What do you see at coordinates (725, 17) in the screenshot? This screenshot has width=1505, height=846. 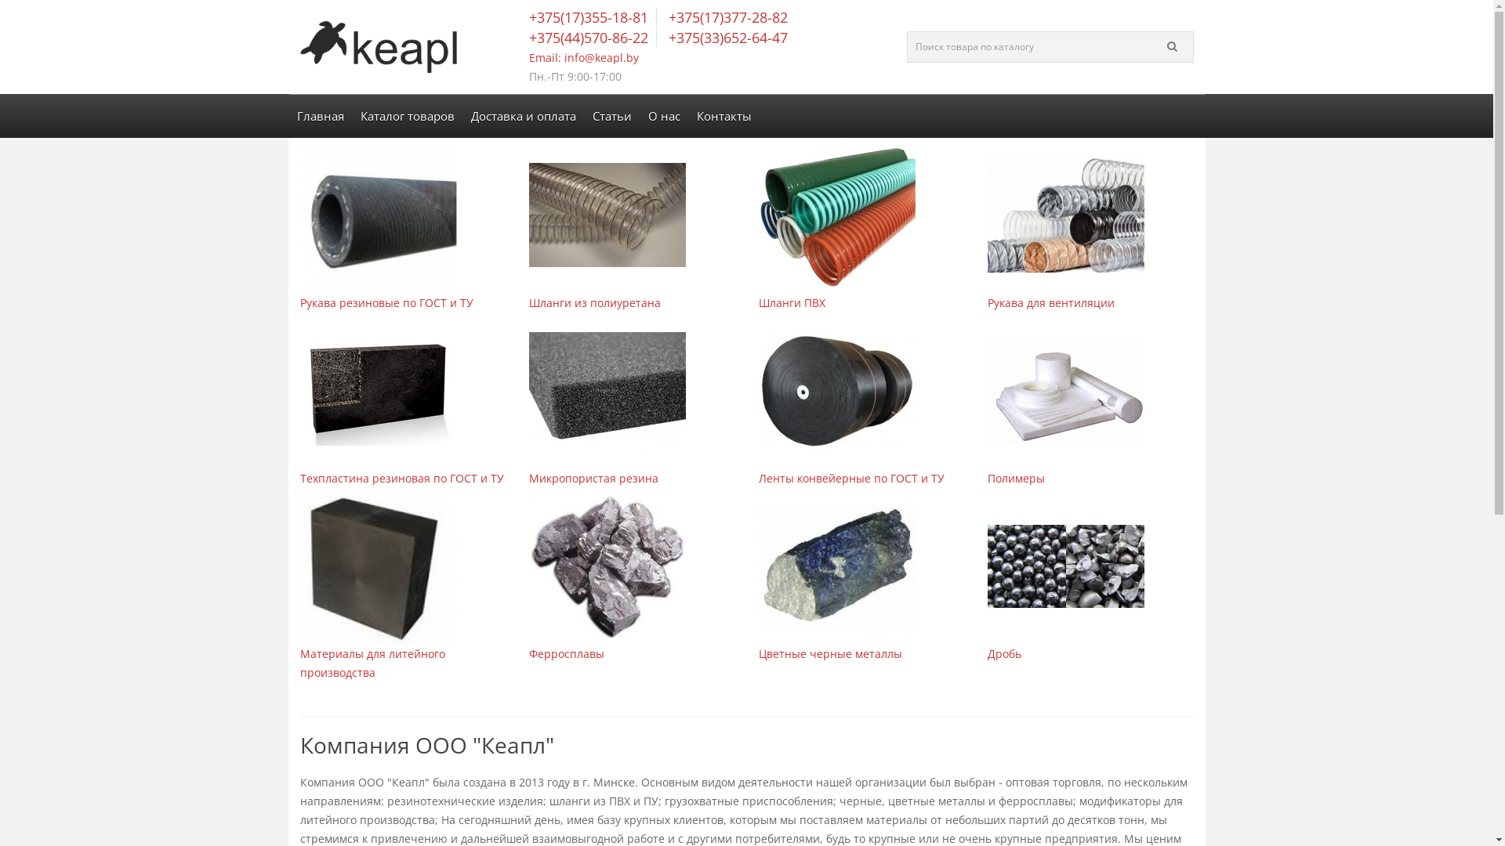 I see `'+375(17)377-28-82'` at bounding box center [725, 17].